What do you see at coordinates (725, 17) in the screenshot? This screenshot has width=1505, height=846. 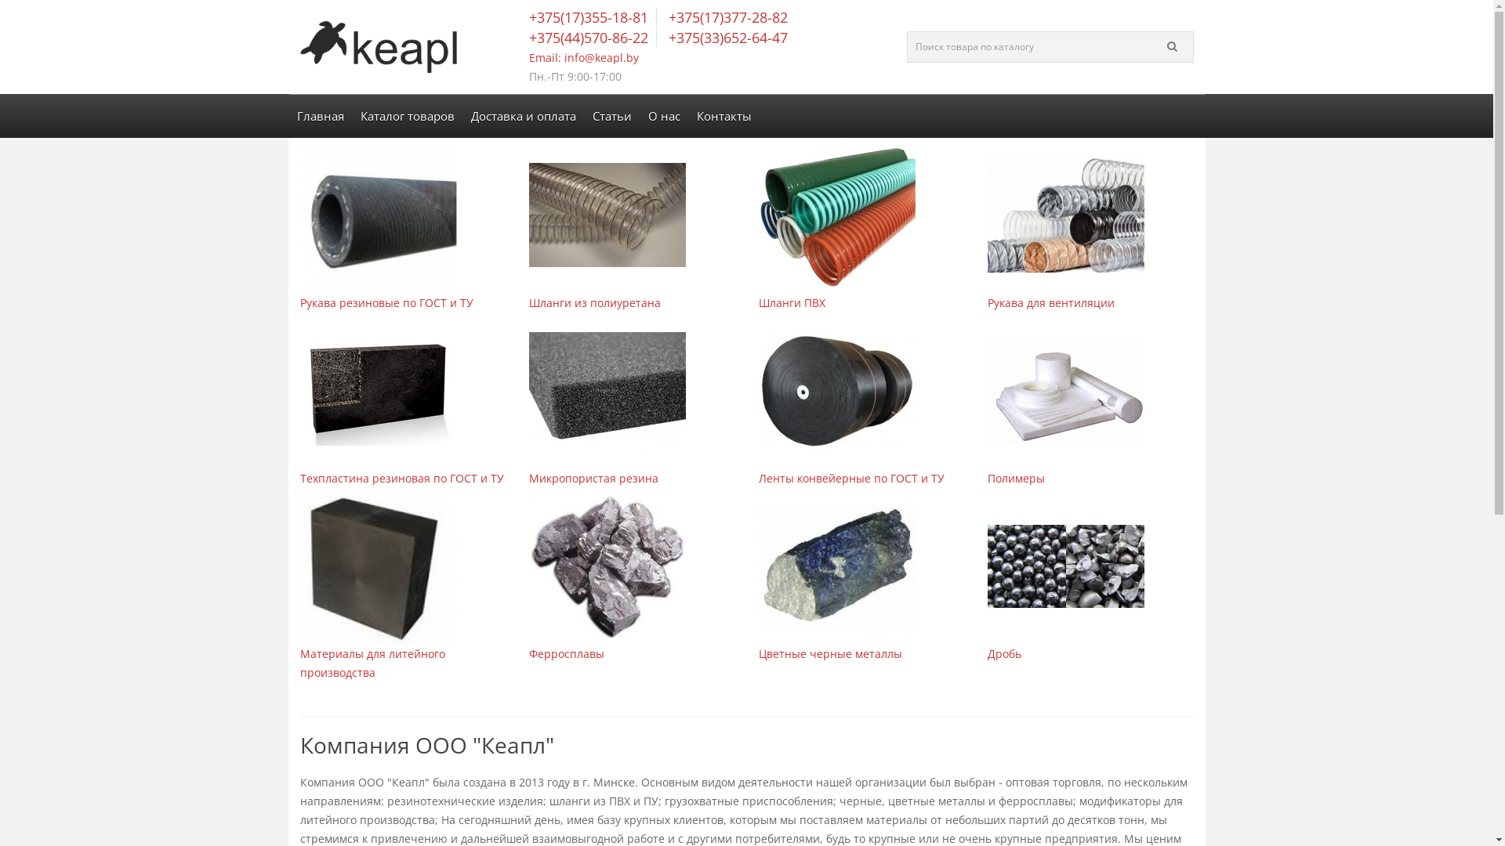 I see `'+375(17)377-28-82'` at bounding box center [725, 17].